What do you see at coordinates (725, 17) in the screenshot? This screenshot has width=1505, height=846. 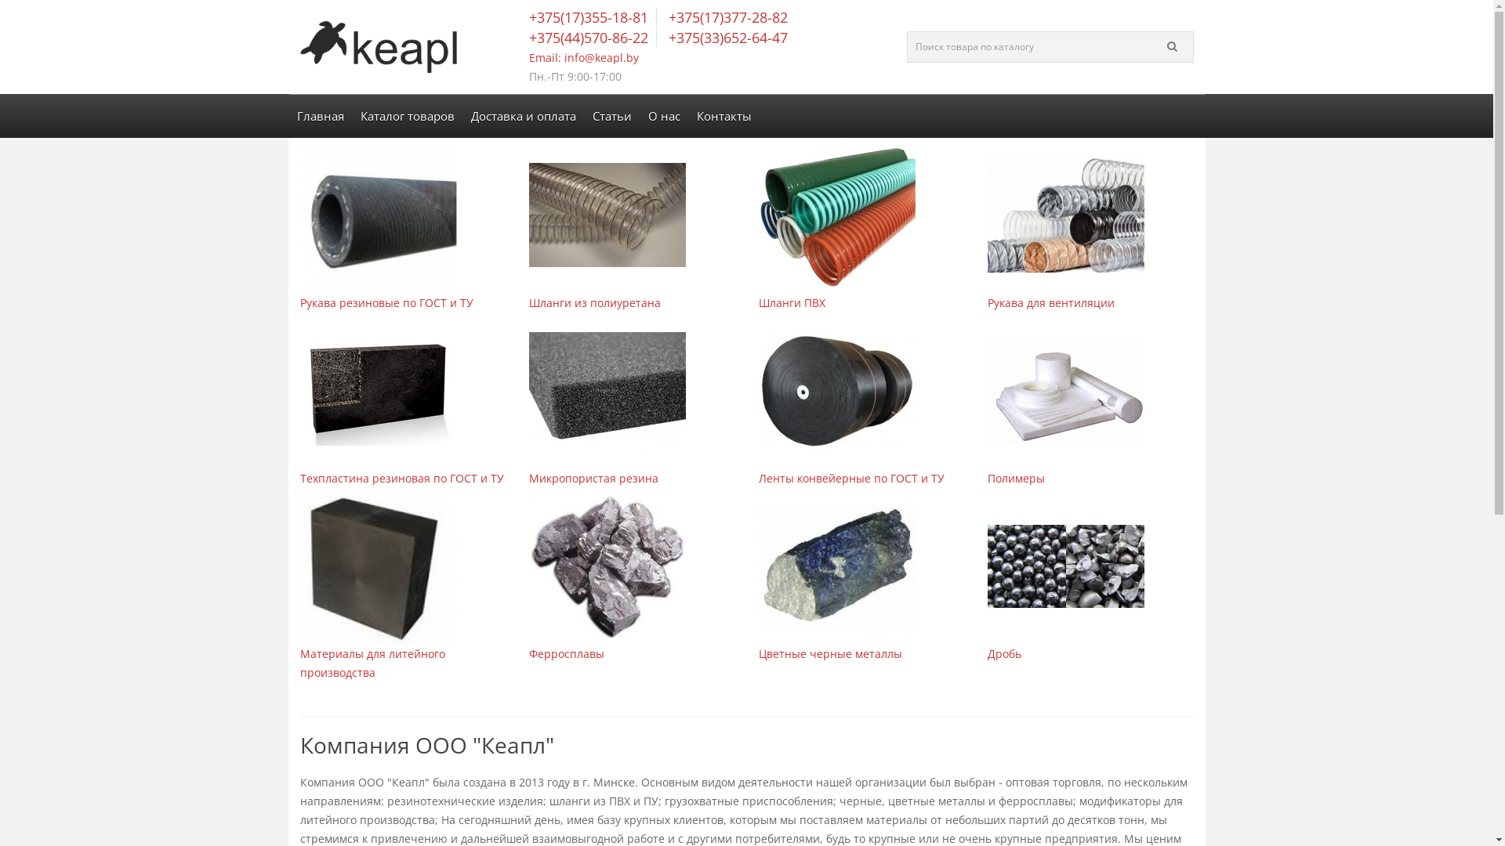 I see `'+375(17)377-28-82'` at bounding box center [725, 17].